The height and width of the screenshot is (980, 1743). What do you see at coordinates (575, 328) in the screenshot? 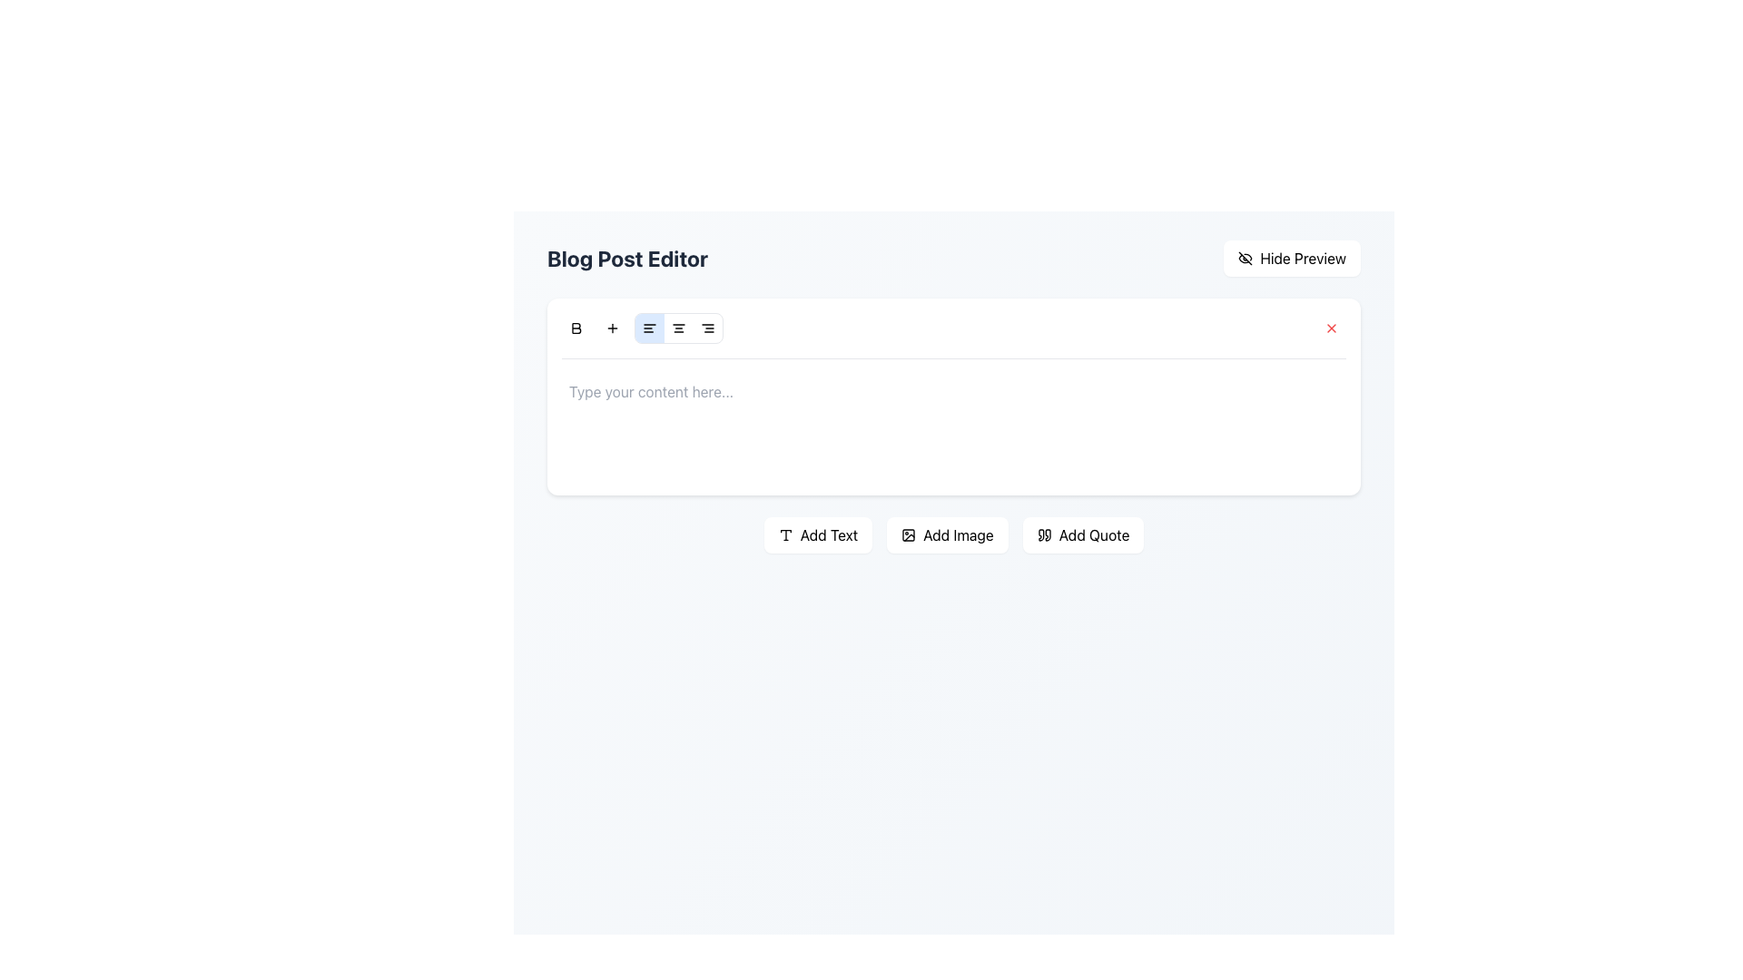
I see `the bold formatting icon button located at the top-left of the content toolbar in the Blog Post Editor` at bounding box center [575, 328].